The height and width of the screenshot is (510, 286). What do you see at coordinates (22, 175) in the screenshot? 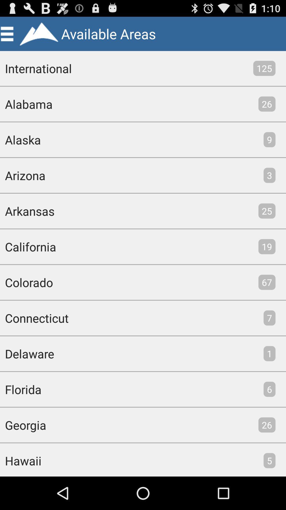
I see `item next to the 3` at bounding box center [22, 175].